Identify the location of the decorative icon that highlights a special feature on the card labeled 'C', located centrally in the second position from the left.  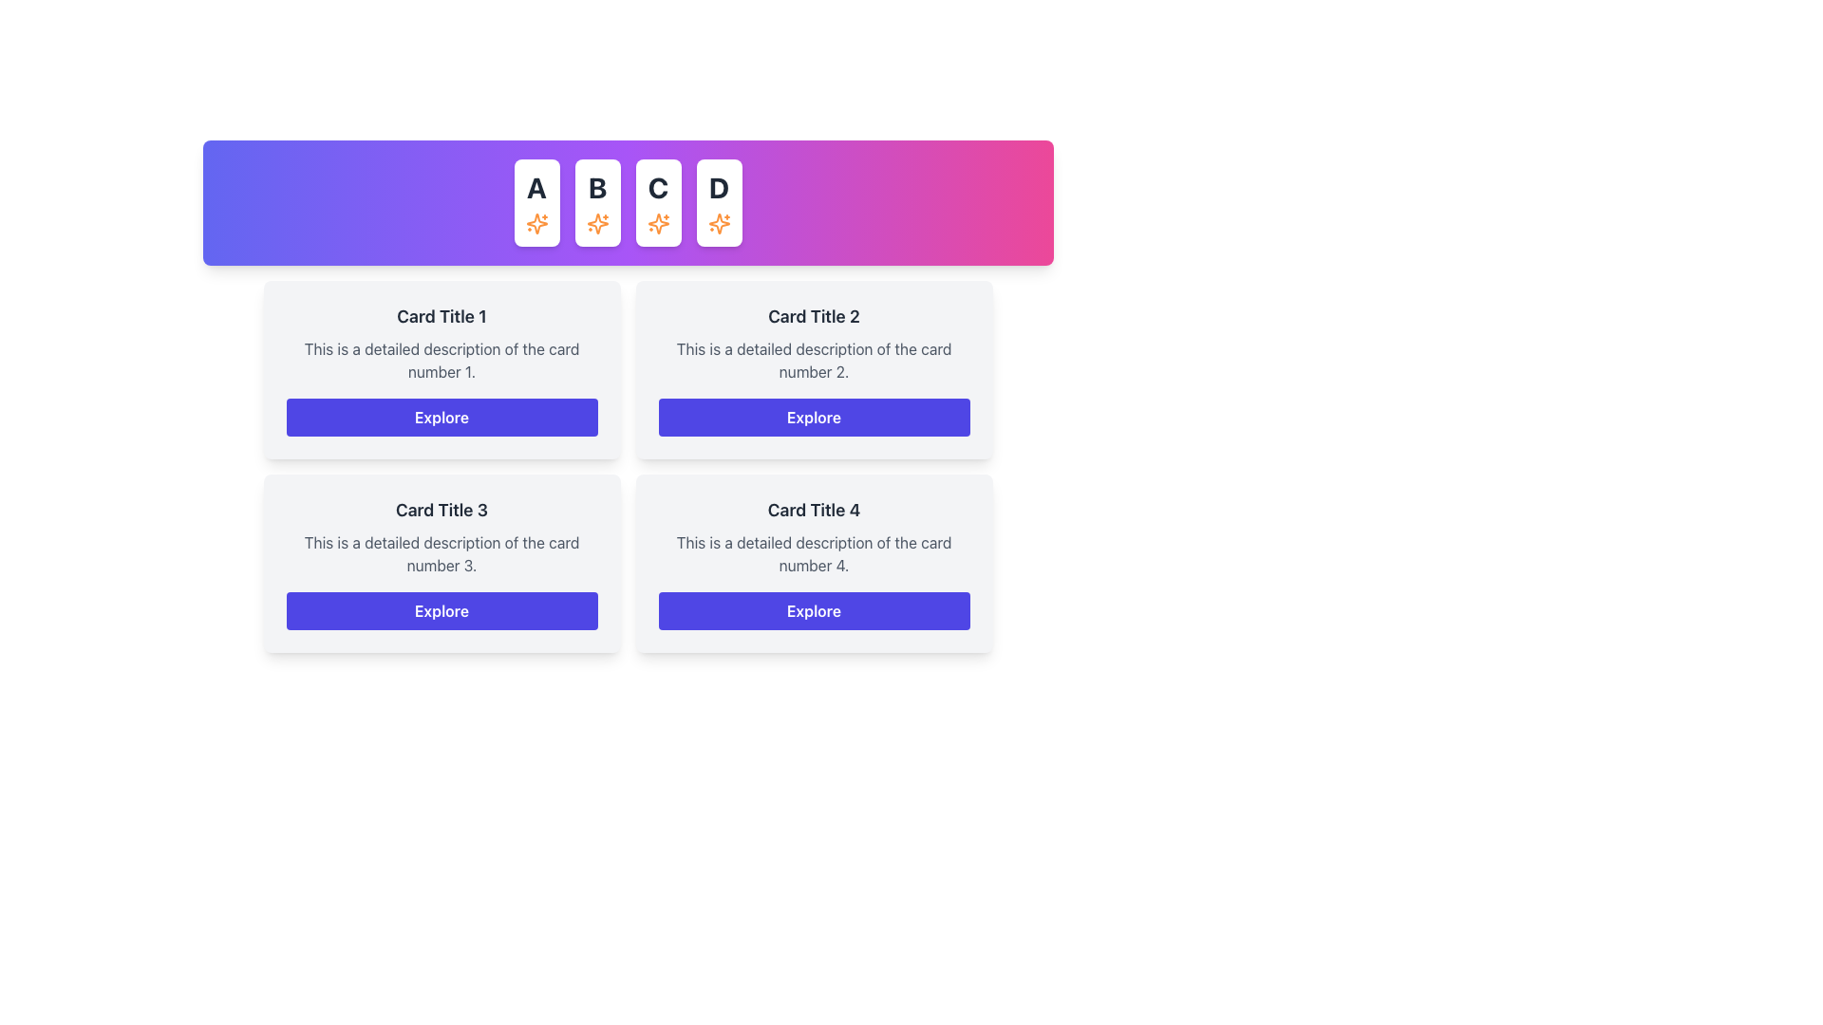
(658, 222).